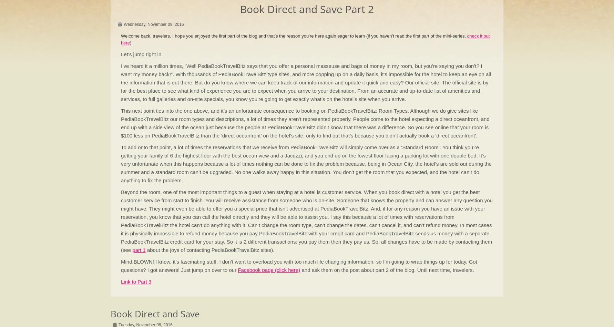 The height and width of the screenshot is (327, 614). What do you see at coordinates (305, 39) in the screenshot?
I see `'check it out here'` at bounding box center [305, 39].